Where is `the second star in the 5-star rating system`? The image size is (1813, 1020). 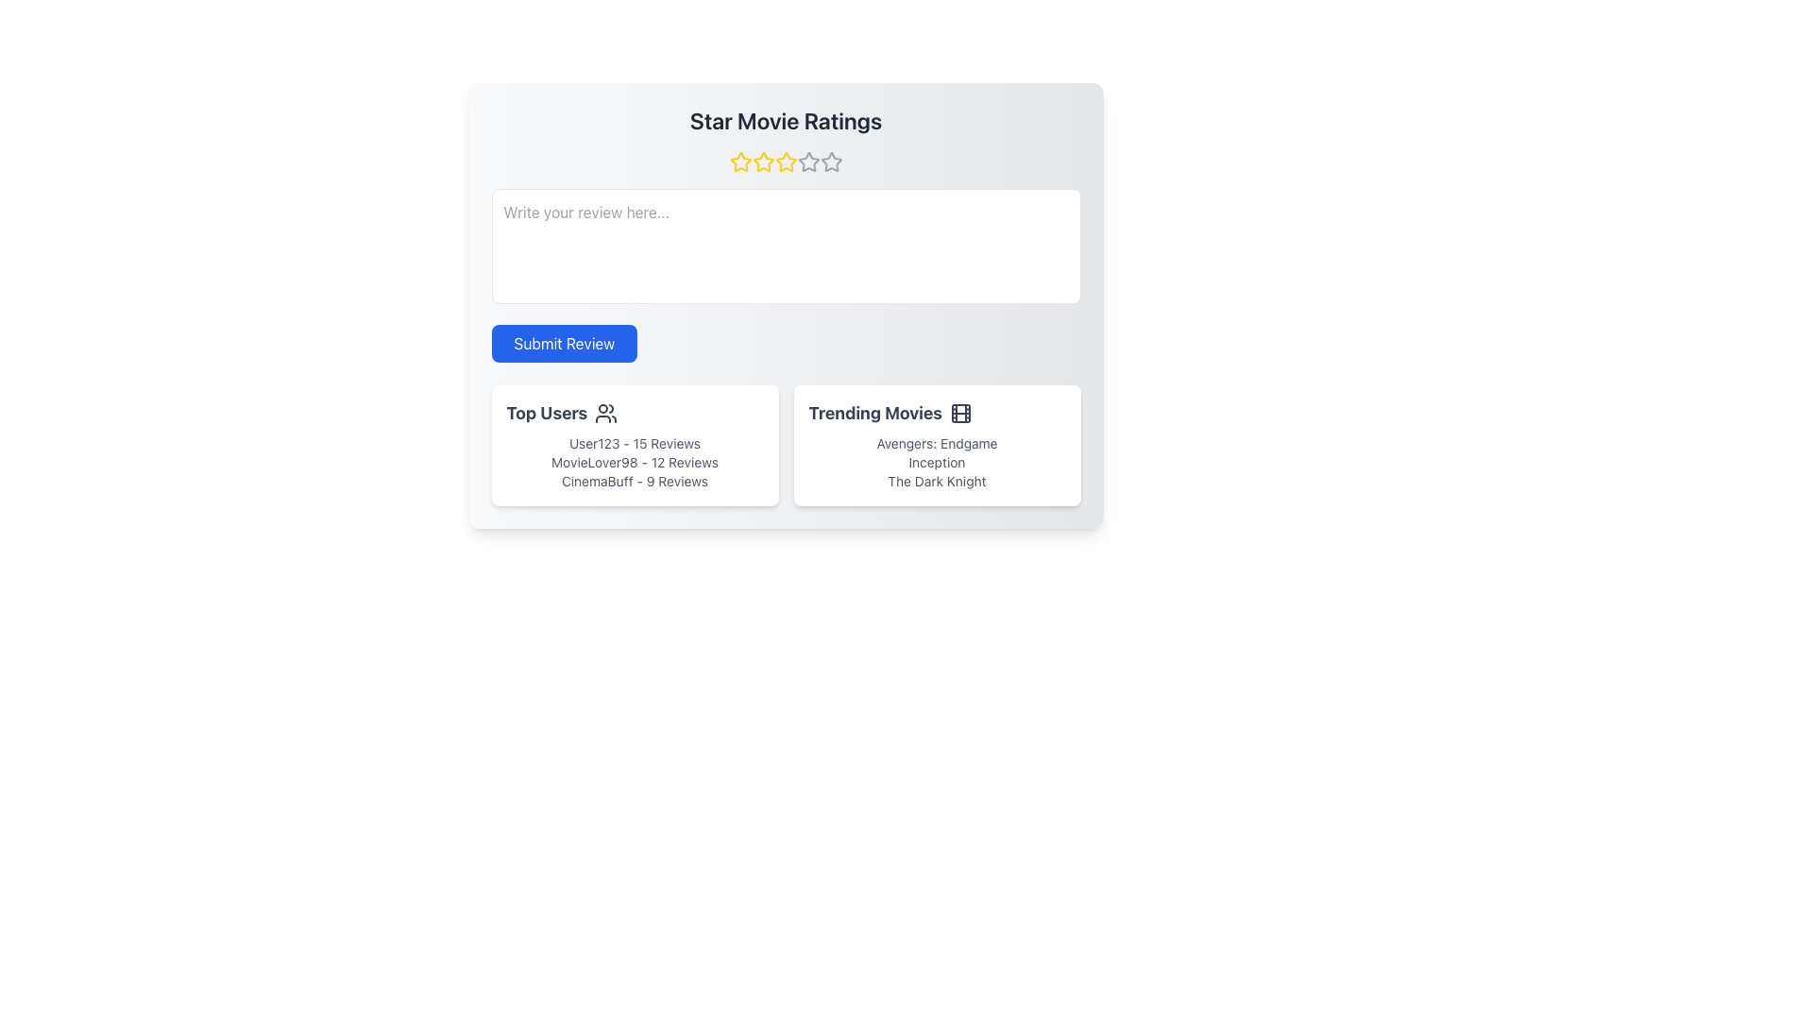 the second star in the 5-star rating system is located at coordinates (763, 161).